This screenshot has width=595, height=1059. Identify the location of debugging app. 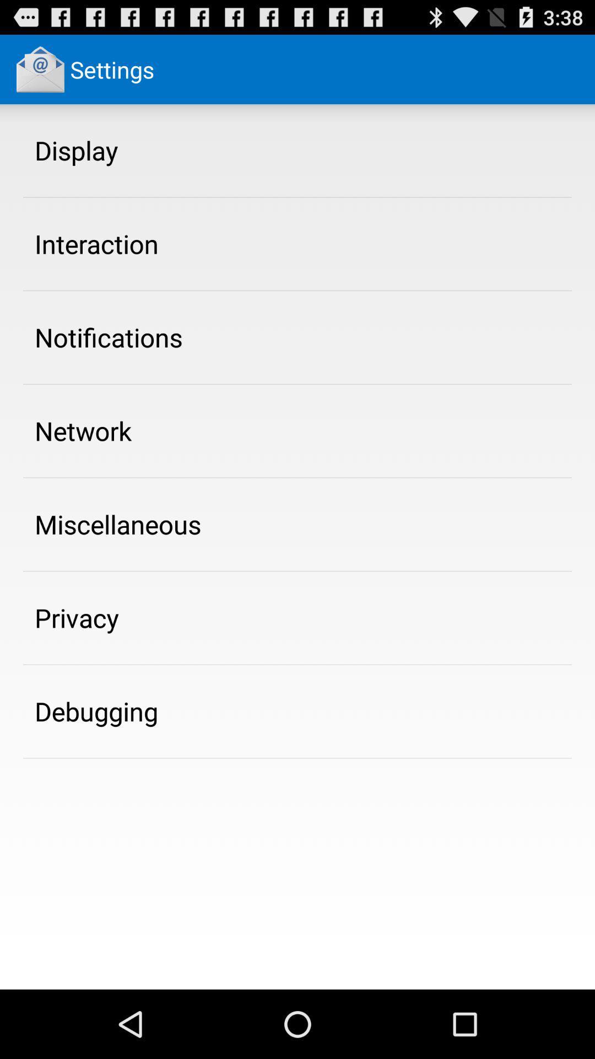
(96, 711).